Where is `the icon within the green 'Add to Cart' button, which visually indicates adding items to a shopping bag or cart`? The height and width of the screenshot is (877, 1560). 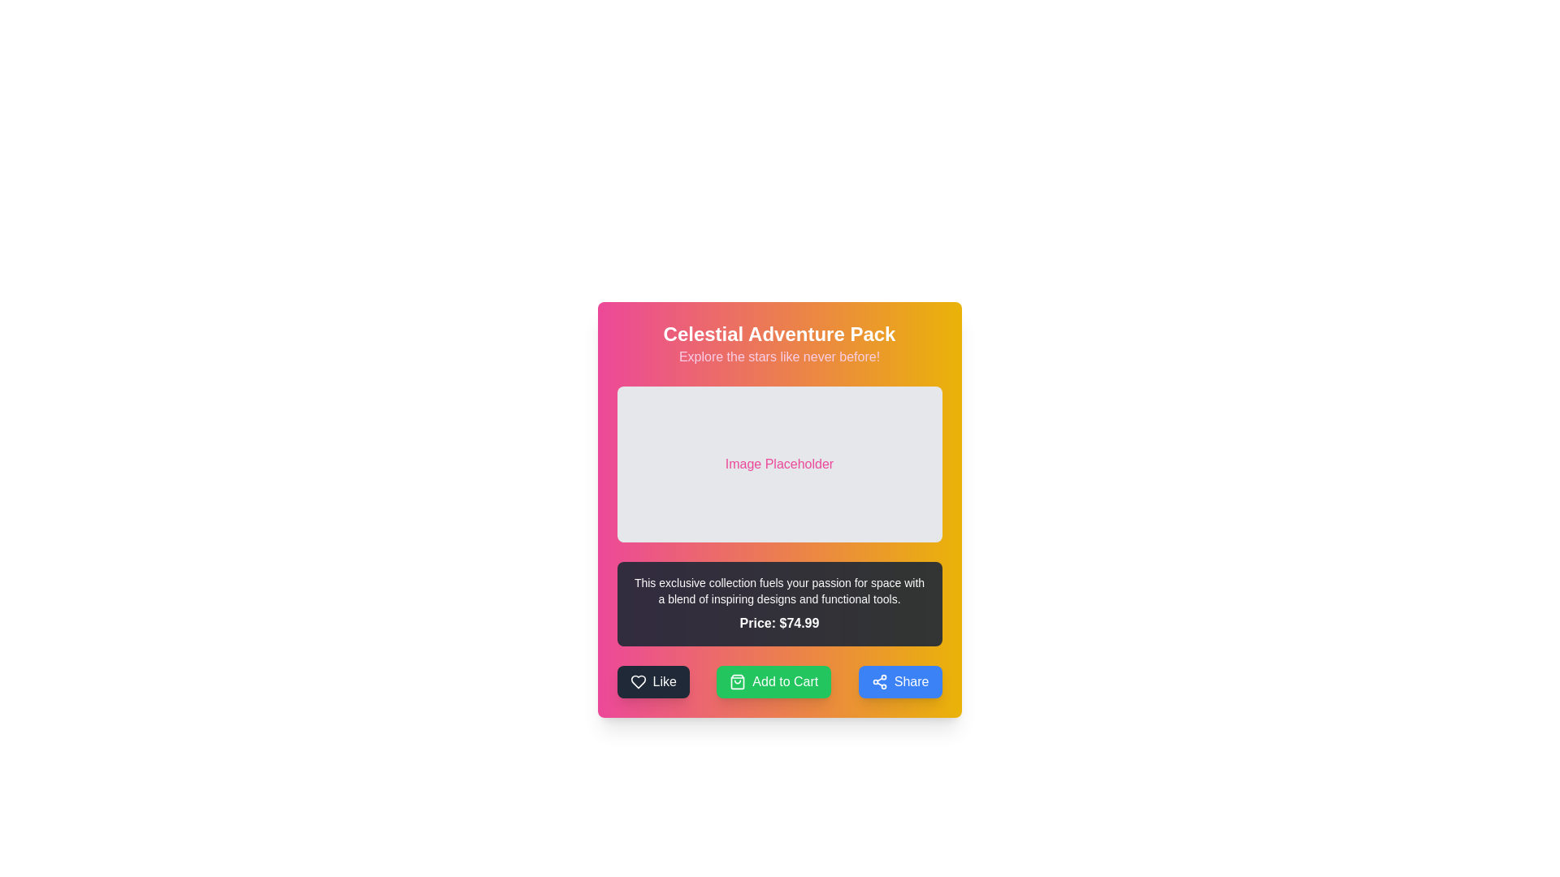
the icon within the green 'Add to Cart' button, which visually indicates adding items to a shopping bag or cart is located at coordinates (737, 682).